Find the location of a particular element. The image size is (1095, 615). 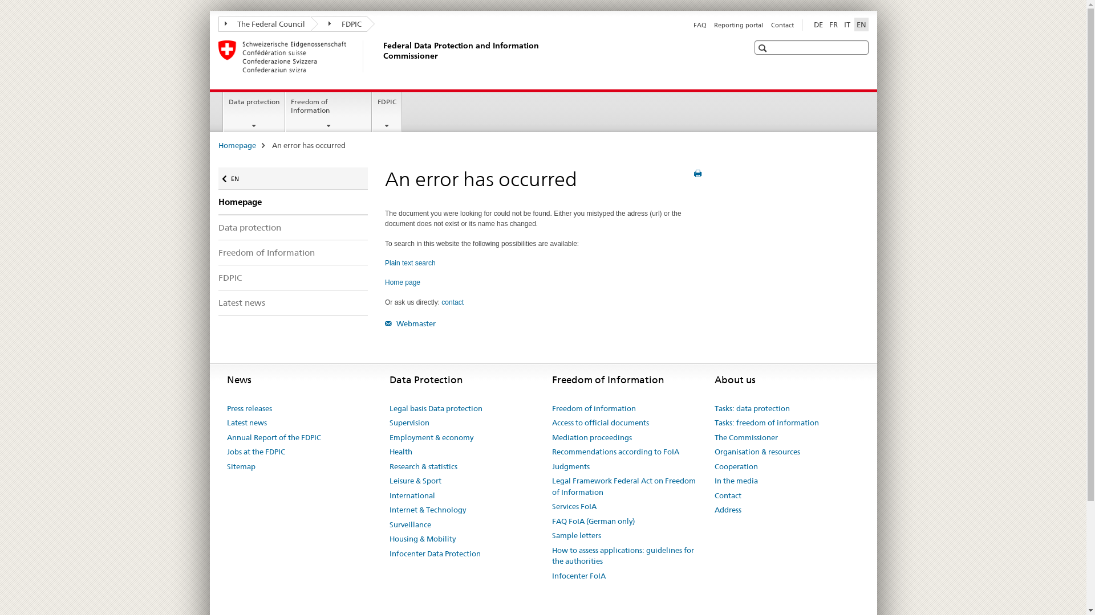

'Health' is located at coordinates (400, 452).